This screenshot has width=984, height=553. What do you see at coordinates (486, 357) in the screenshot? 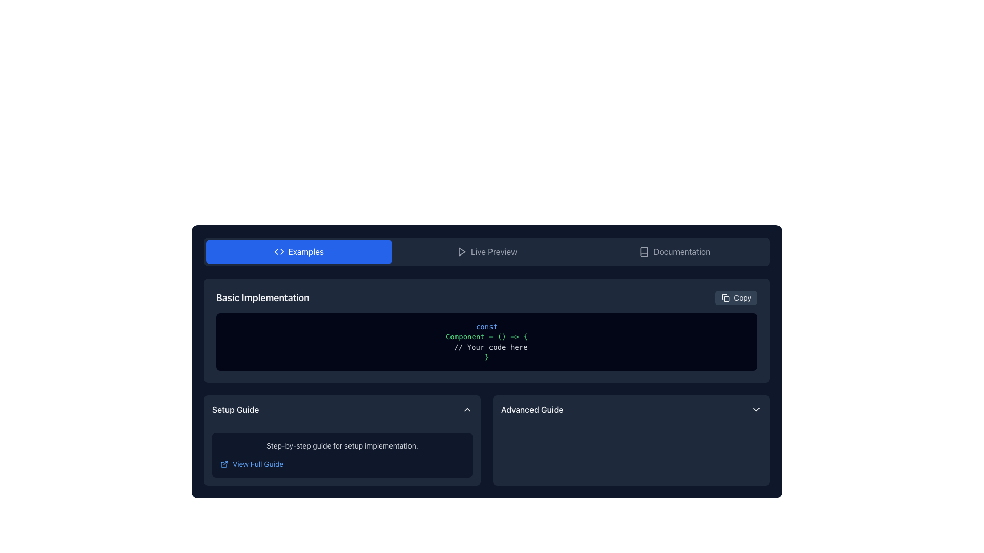
I see `the closing curly bracket '}' displayed in green text color` at bounding box center [486, 357].